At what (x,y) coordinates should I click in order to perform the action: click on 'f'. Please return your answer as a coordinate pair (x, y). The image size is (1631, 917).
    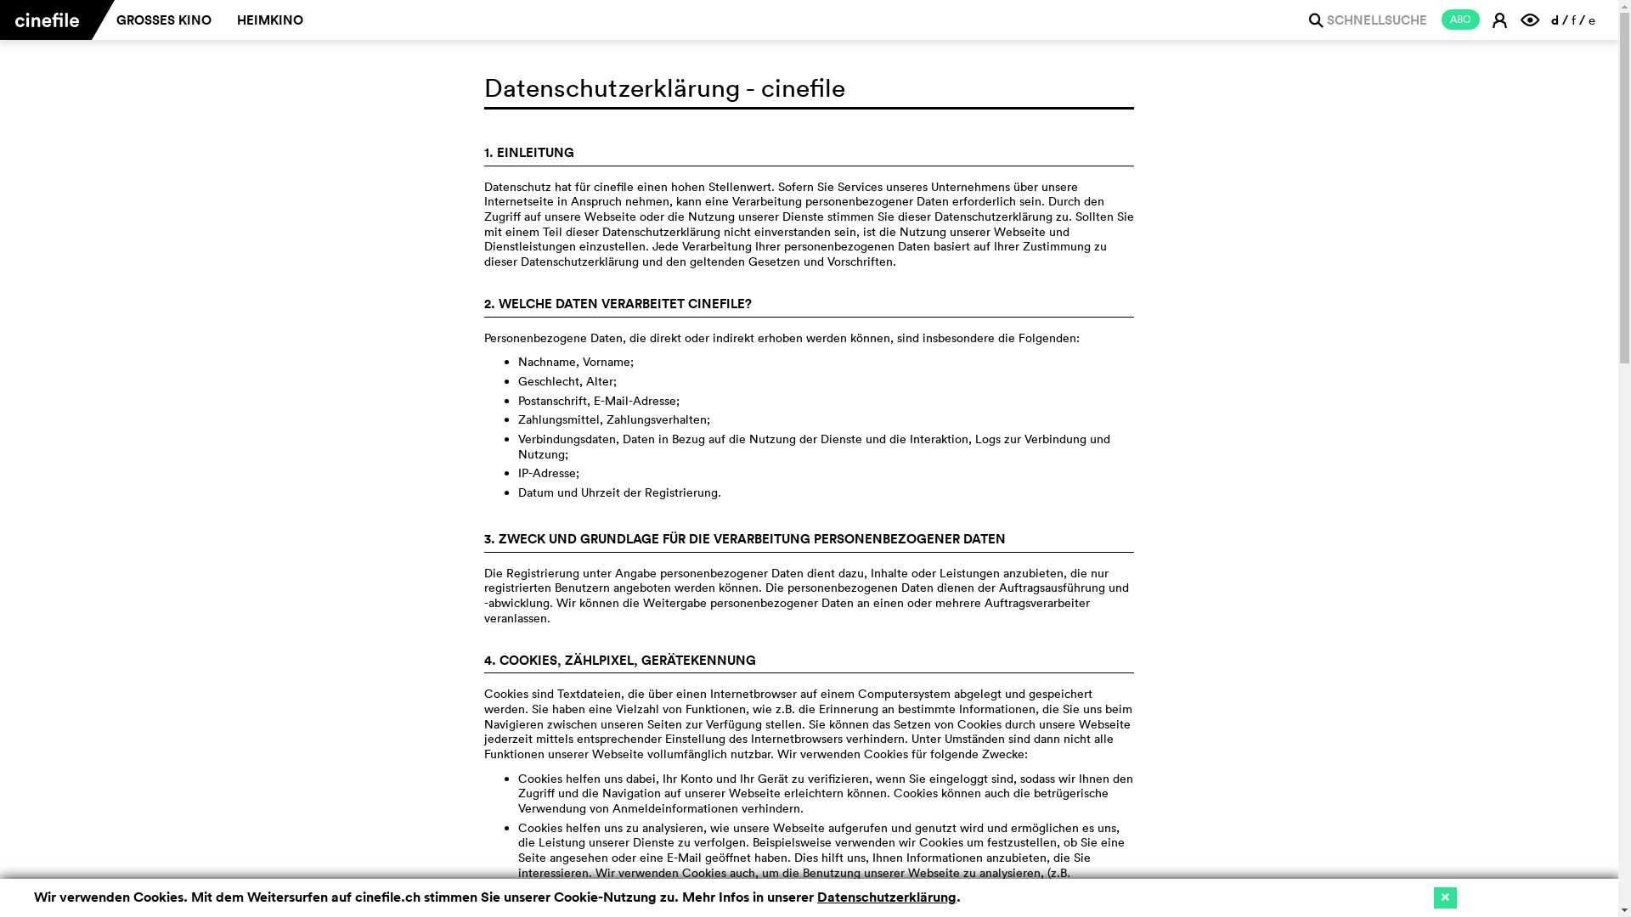
    Looking at the image, I should click on (1572, 20).